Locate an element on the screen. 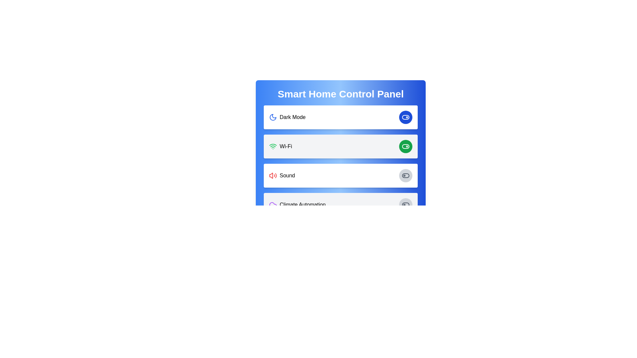 Image resolution: width=637 pixels, height=358 pixels. the green toggle button with a white outline in the Smart Home Control Panel is located at coordinates (405, 146).